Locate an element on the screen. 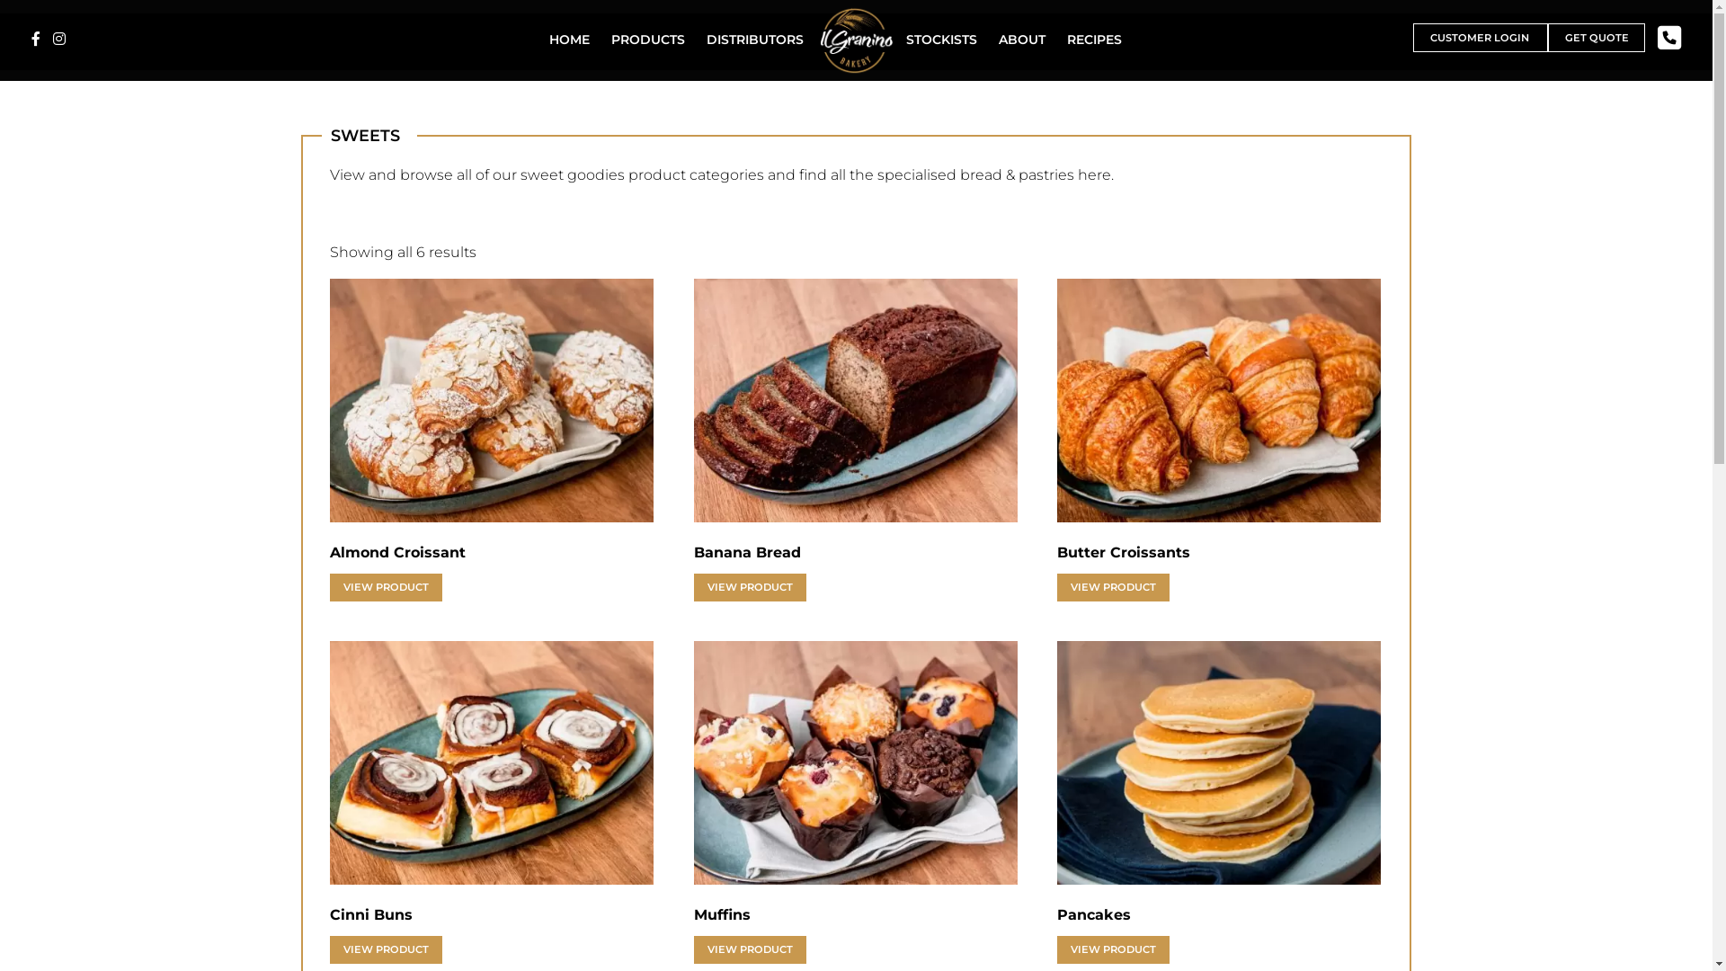  'PRODUCTS' is located at coordinates (607, 39).